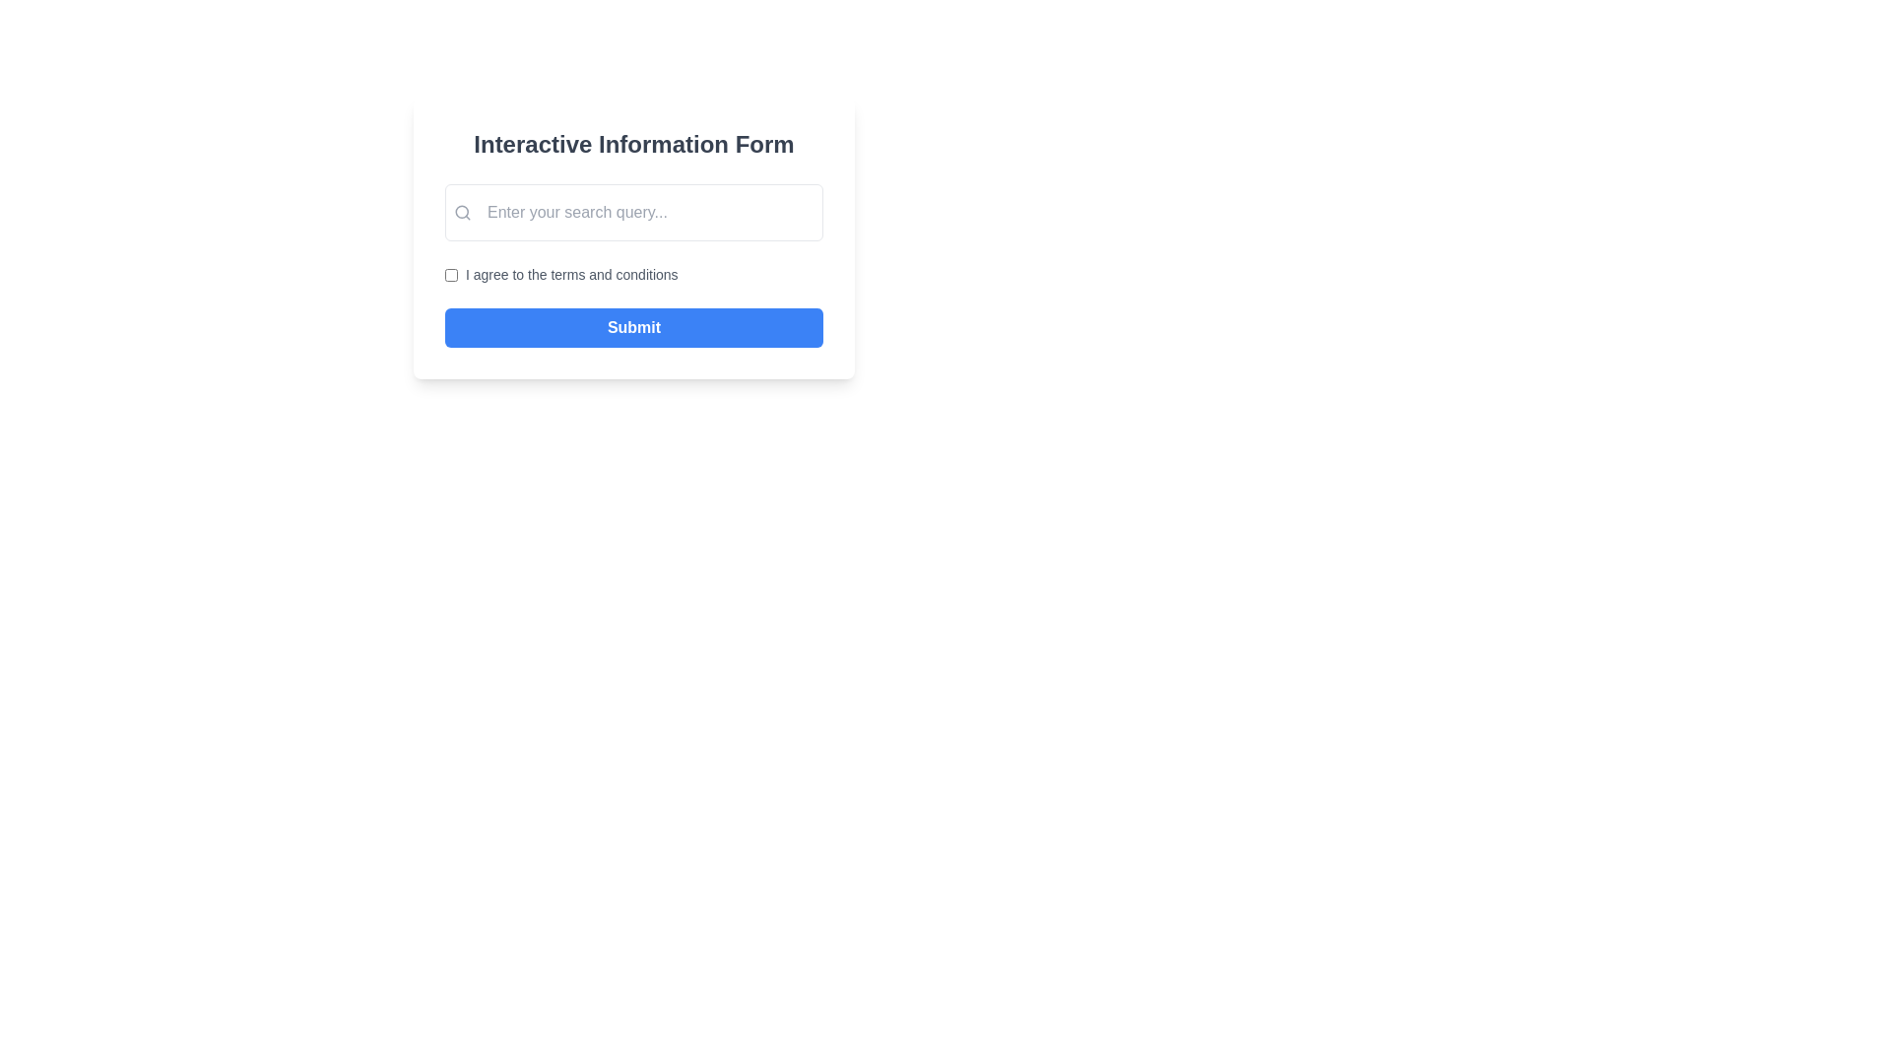 This screenshot has width=1891, height=1064. Describe the element at coordinates (450, 274) in the screenshot. I see `the checkbox` at that location.